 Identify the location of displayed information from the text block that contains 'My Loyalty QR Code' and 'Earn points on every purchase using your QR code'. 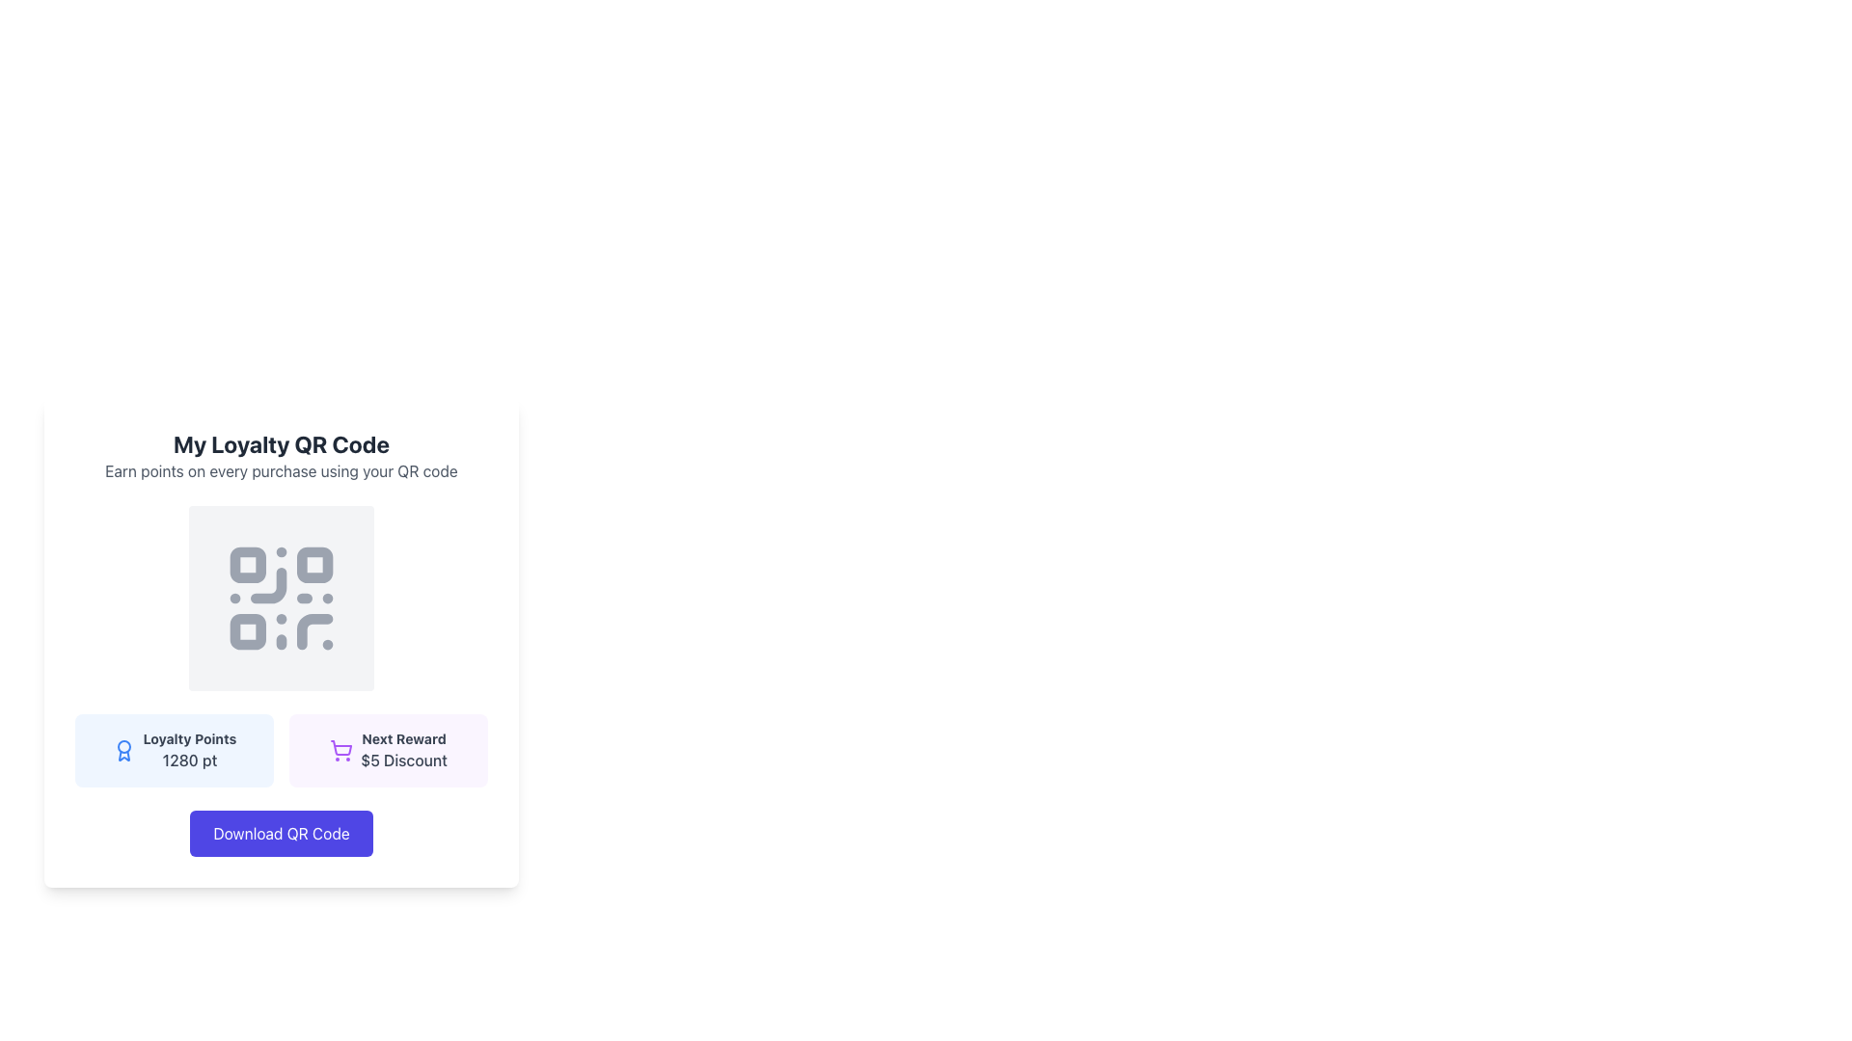
(281, 456).